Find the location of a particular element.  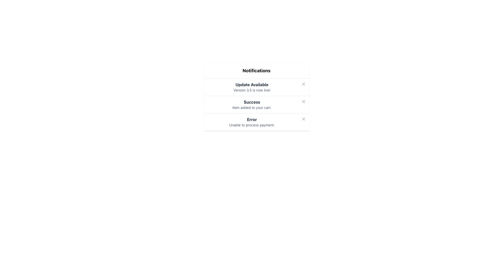

the Text Label that provides an update about the availability of 'Version 3.5', located beneath 'Update Available' and centered within the notification box is located at coordinates (252, 90).